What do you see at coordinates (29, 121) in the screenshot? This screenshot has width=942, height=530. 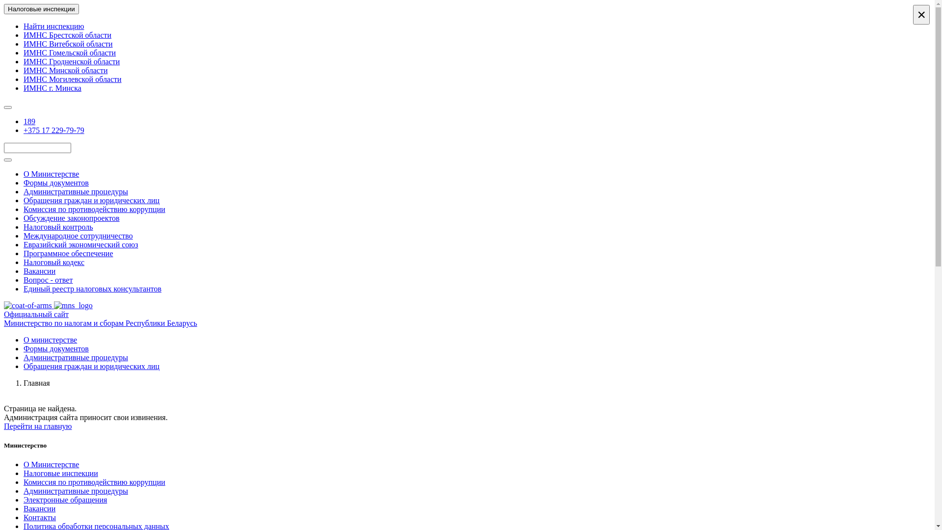 I see `'189'` at bounding box center [29, 121].